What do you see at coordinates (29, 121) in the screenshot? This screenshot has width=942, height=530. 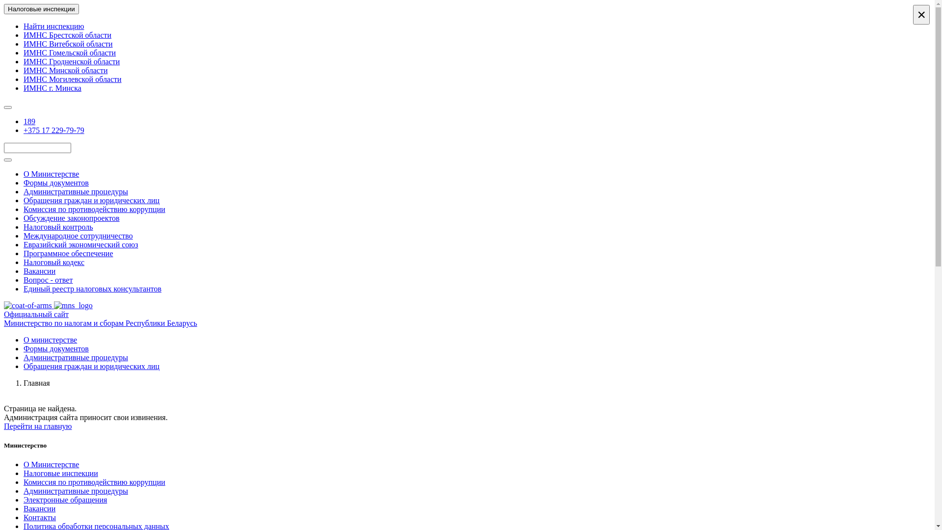 I see `'189'` at bounding box center [29, 121].